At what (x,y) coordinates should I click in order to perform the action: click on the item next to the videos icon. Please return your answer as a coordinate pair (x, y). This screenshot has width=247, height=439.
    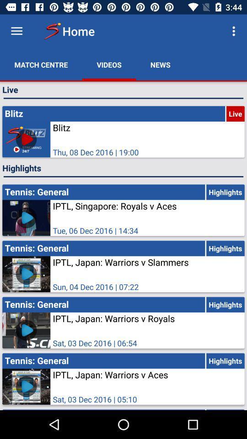
    Looking at the image, I should click on (160, 64).